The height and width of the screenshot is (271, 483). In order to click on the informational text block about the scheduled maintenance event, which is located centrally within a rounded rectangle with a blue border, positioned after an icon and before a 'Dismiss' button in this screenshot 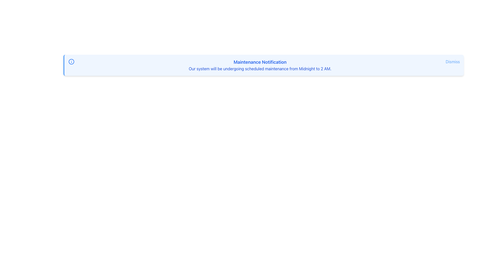, I will do `click(260, 65)`.